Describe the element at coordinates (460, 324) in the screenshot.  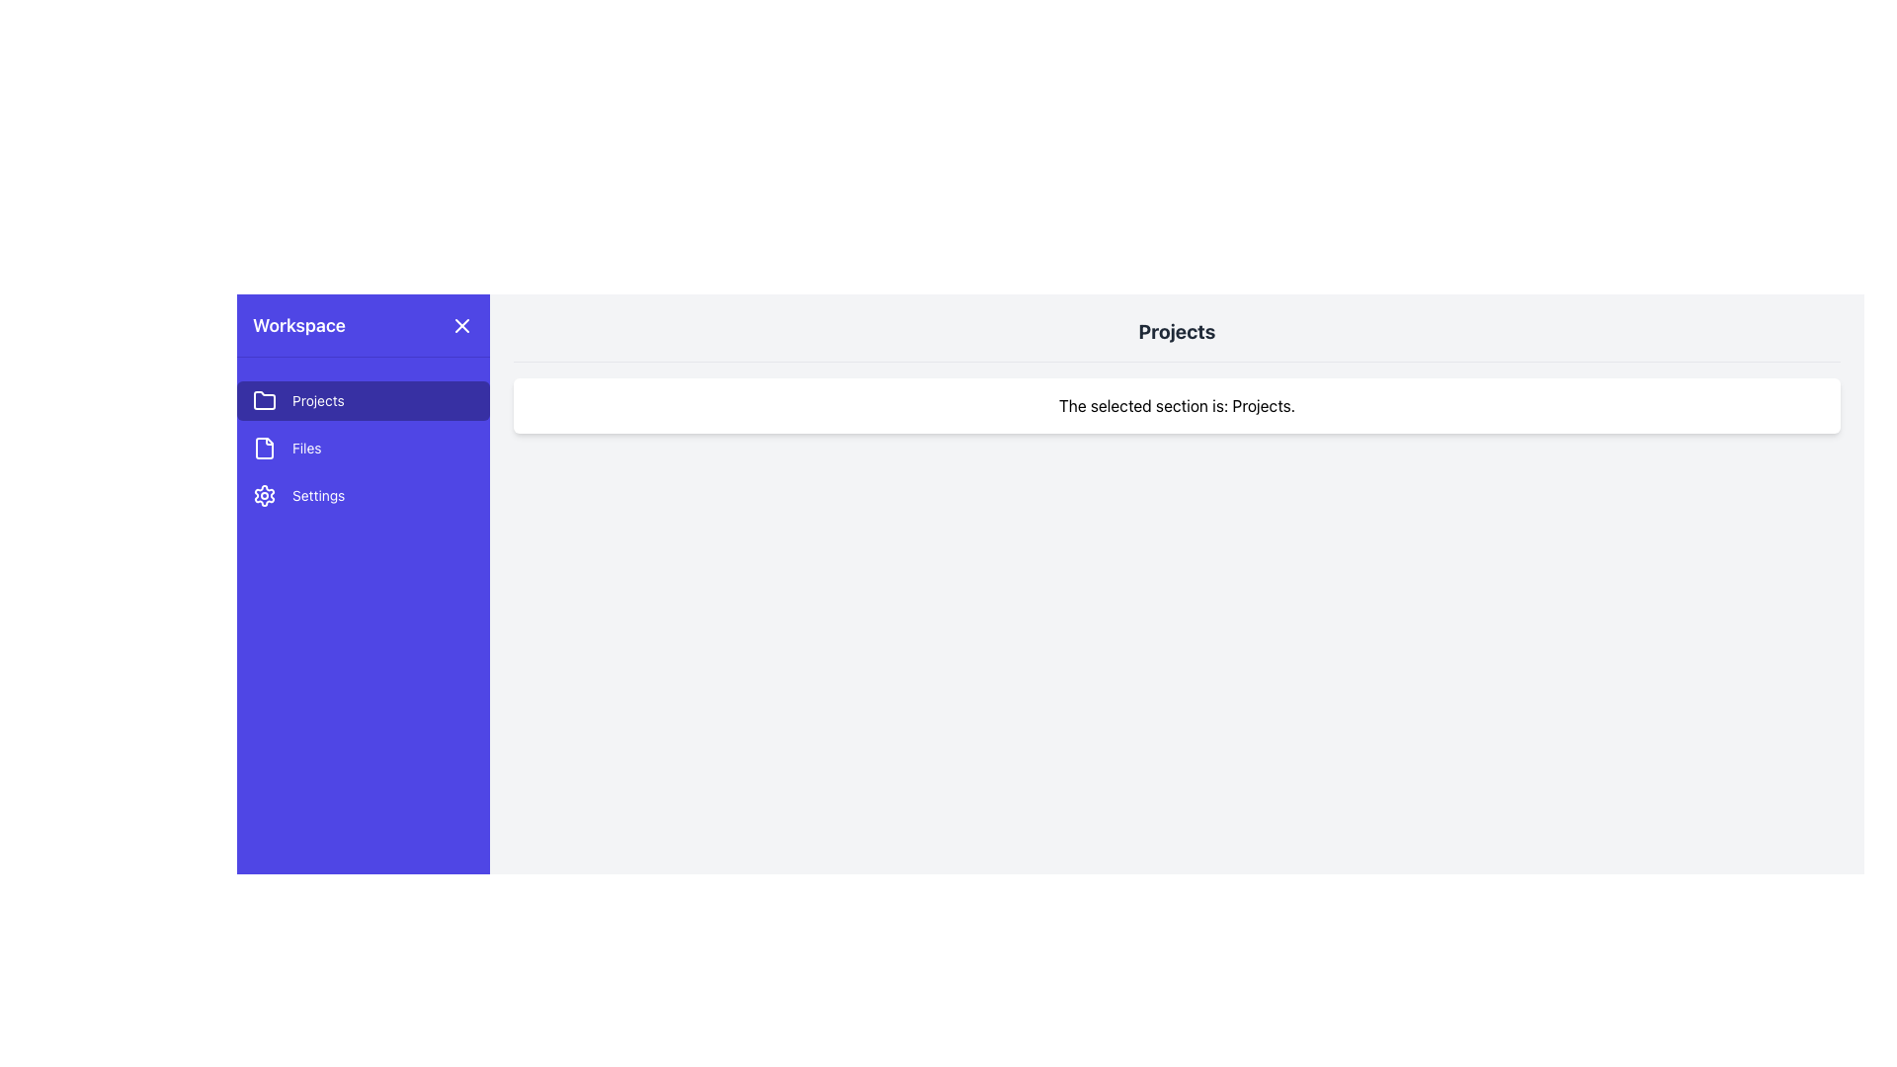
I see `the close button located in the upper-right corner of the 'Workspace' sidebar` at that location.